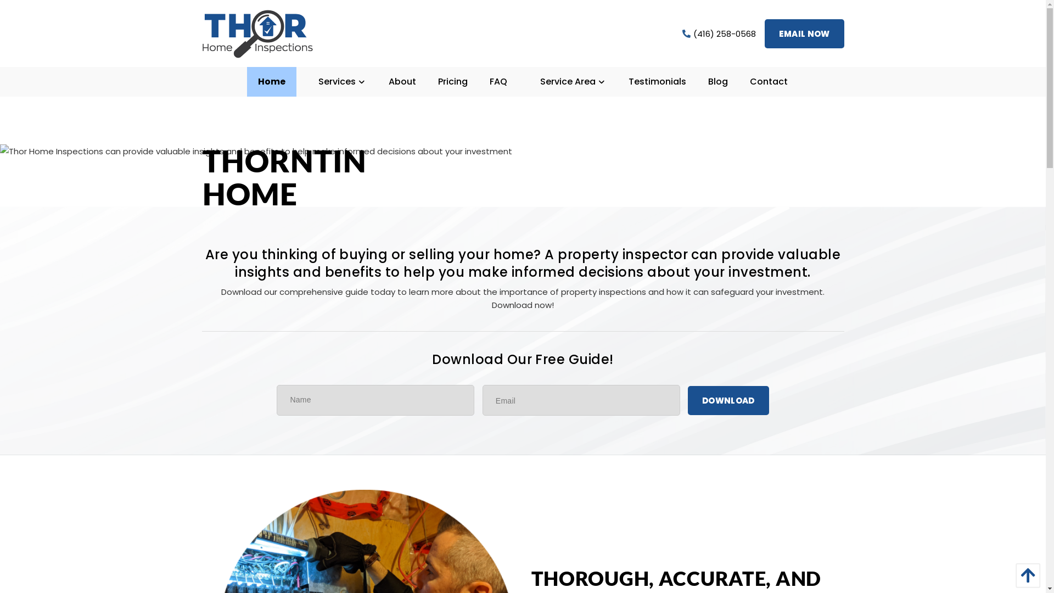  Describe the element at coordinates (497, 81) in the screenshot. I see `'FAQ'` at that location.